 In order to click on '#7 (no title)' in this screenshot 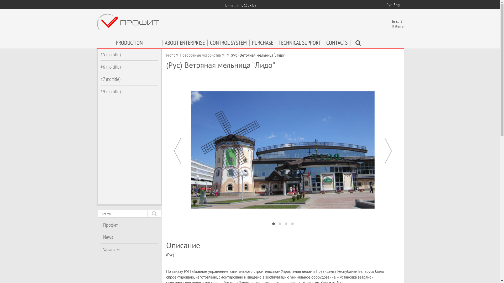, I will do `click(129, 79)`.